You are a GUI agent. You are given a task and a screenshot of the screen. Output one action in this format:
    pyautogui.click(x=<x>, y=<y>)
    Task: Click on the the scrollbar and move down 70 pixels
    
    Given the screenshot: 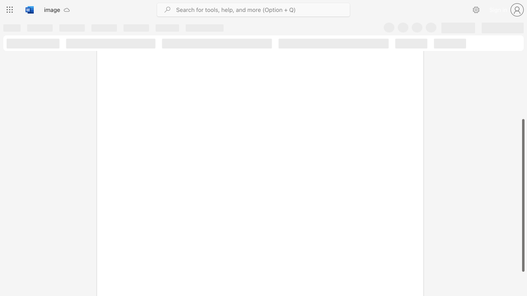 What is the action you would take?
    pyautogui.click(x=522, y=195)
    